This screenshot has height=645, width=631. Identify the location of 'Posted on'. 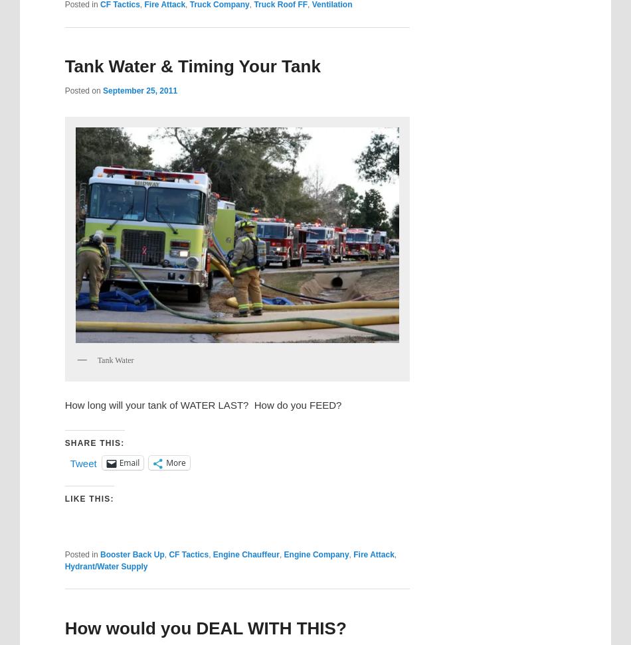
(83, 90).